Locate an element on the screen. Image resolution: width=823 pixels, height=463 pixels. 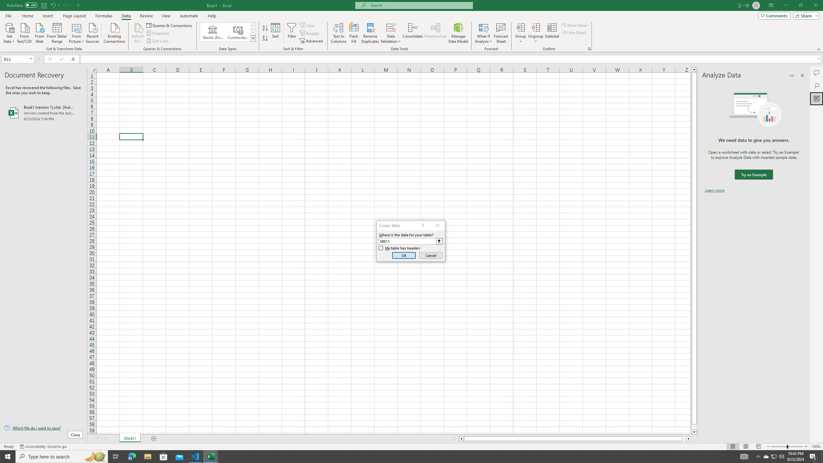
'Remove Duplicates' is located at coordinates (370, 33).